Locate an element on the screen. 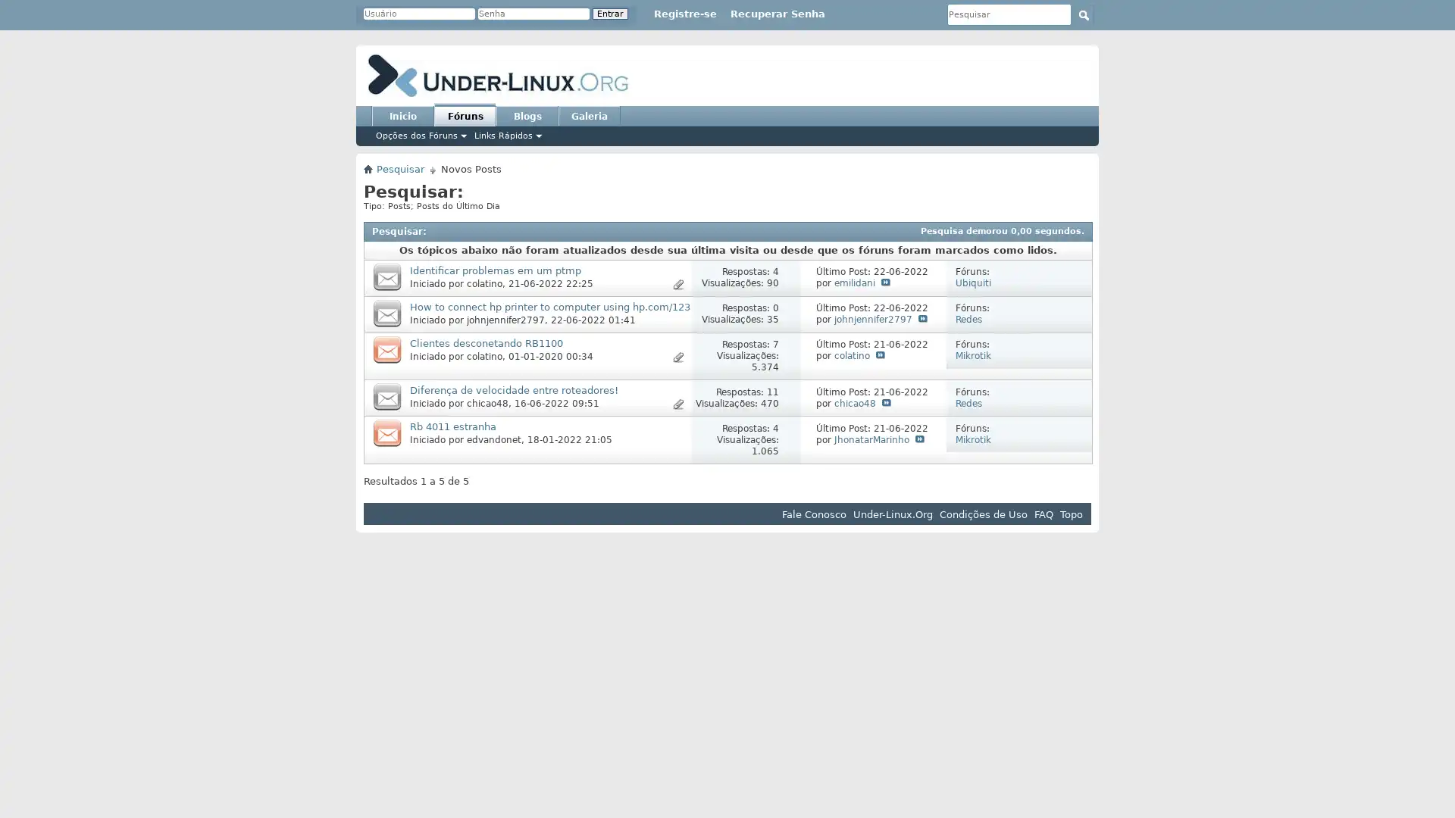  Submit is located at coordinates (1083, 14).